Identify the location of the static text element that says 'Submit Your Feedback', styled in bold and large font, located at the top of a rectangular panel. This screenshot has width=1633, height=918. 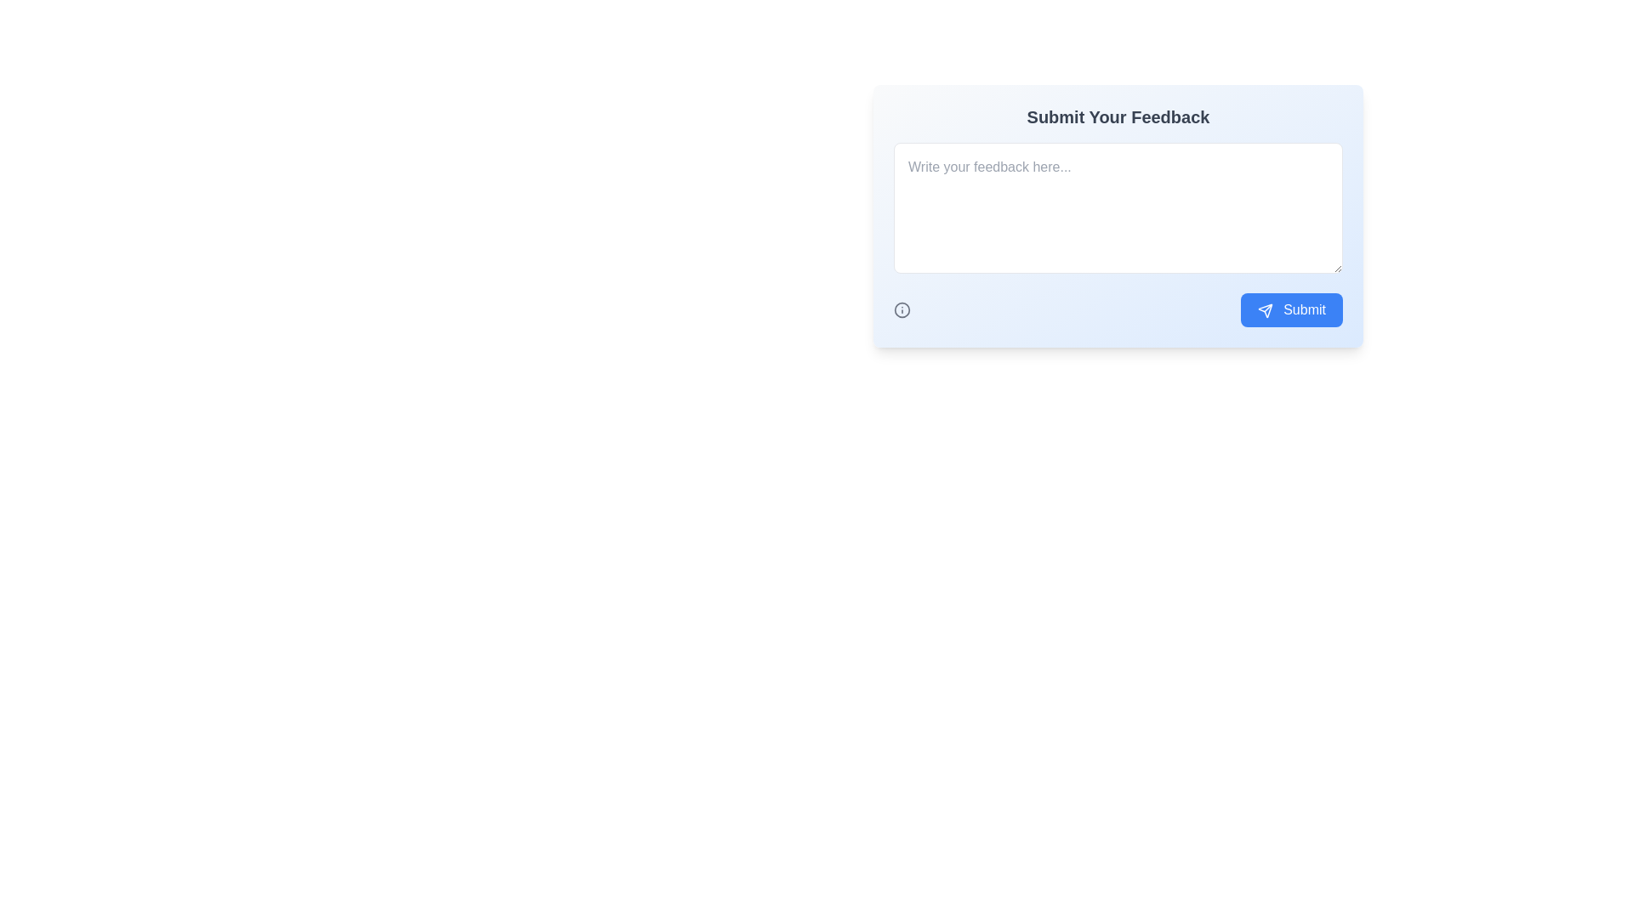
(1118, 116).